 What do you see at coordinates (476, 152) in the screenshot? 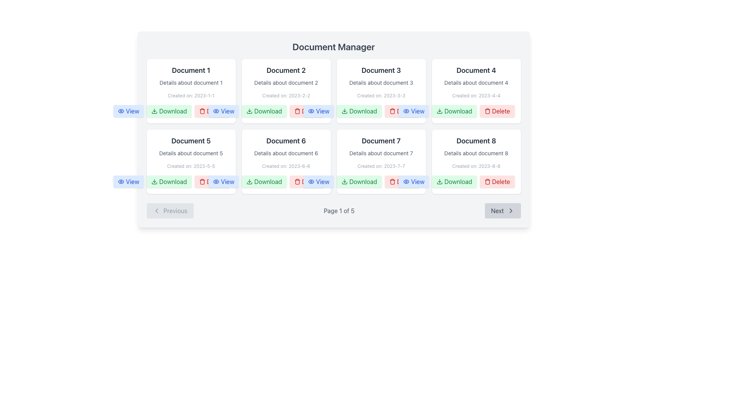
I see `text from the title and metadata of the document titled 'Document 8', which is located in the bottom-right corner of a 2x4 grid layout` at bounding box center [476, 152].